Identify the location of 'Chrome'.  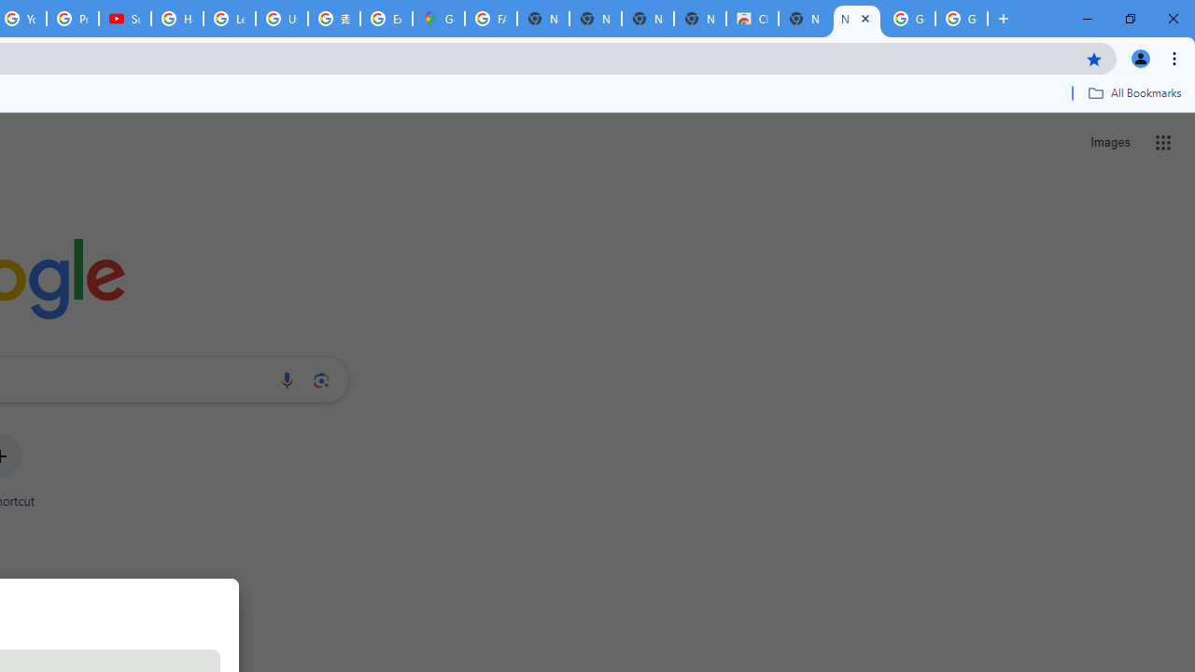
(1175, 57).